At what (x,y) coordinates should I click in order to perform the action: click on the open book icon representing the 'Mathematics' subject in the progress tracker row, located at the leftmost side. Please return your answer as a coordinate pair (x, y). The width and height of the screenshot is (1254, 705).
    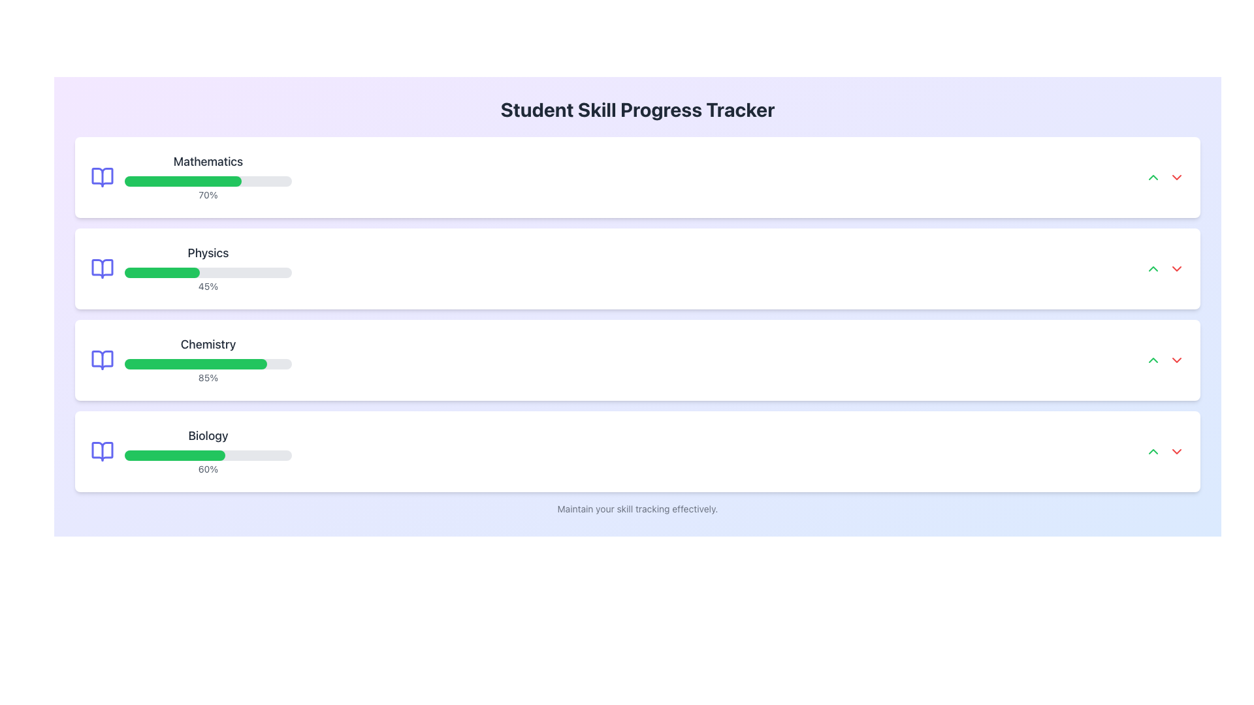
    Looking at the image, I should click on (102, 178).